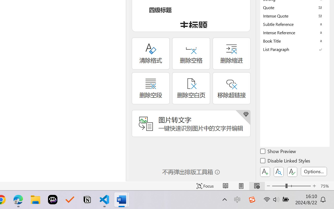 The image size is (334, 209). What do you see at coordinates (278, 186) in the screenshot?
I see `'Zoom Out'` at bounding box center [278, 186].